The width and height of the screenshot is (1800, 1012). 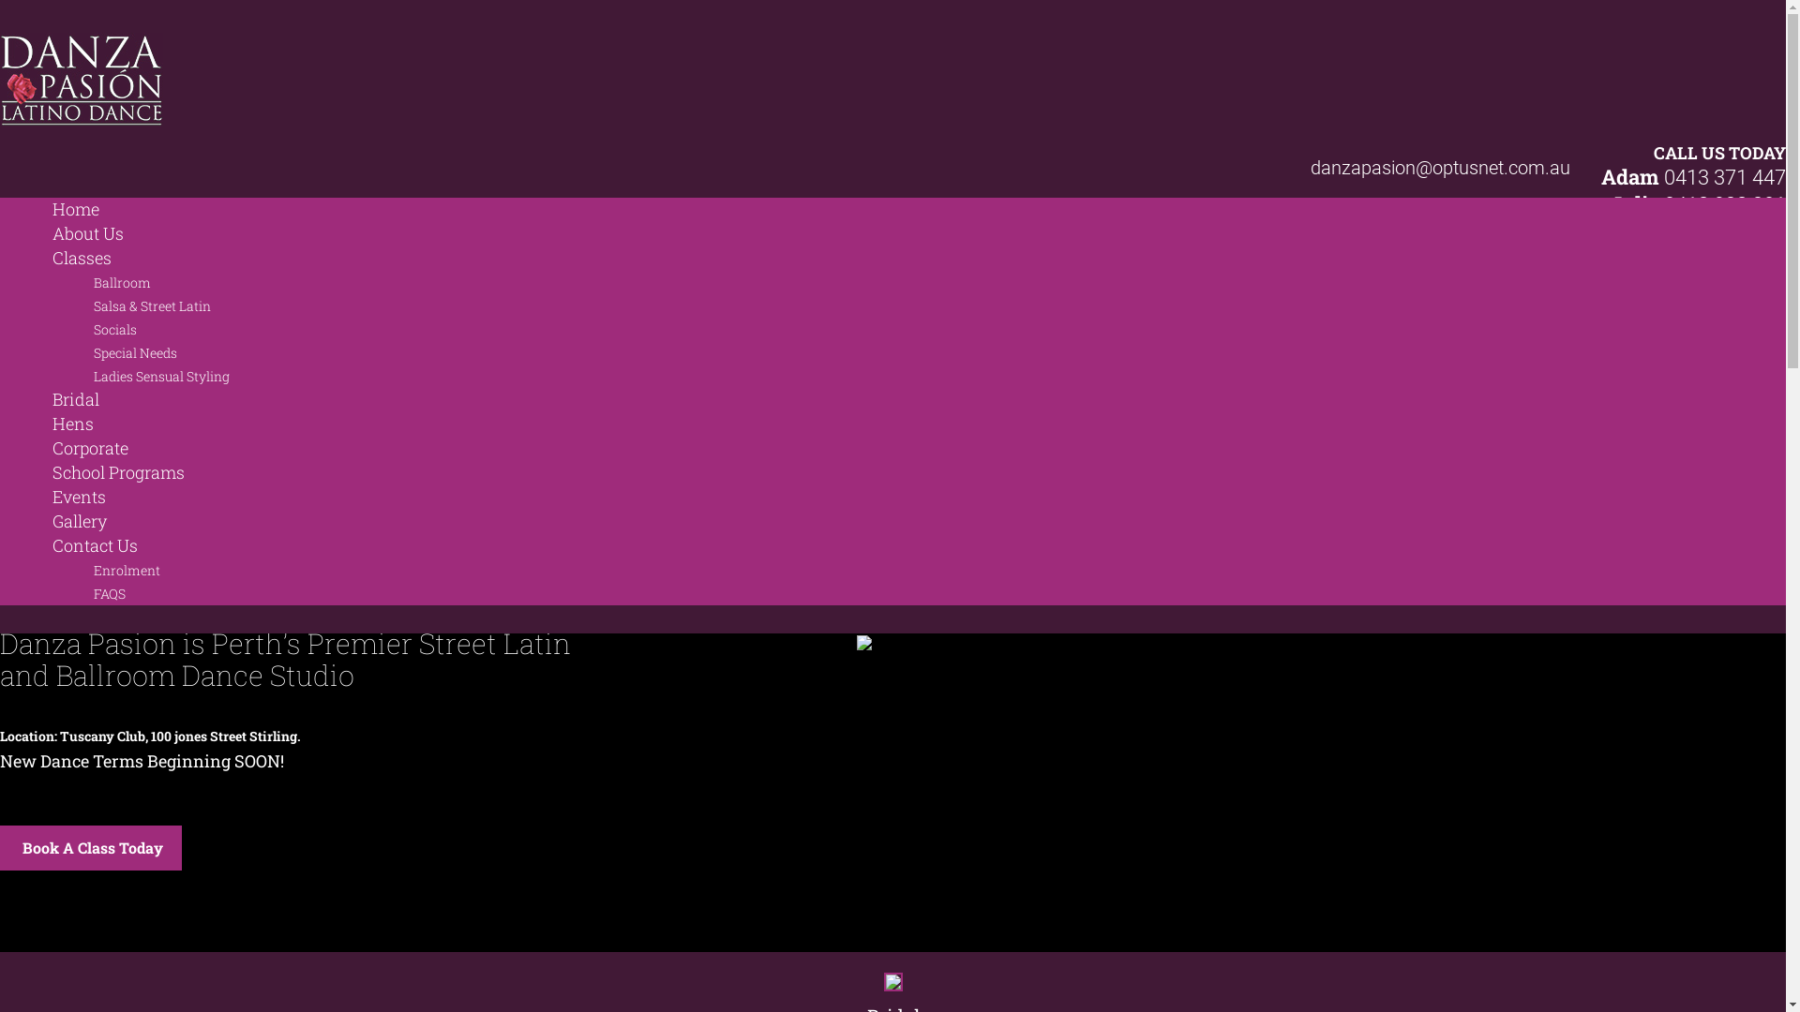 What do you see at coordinates (108, 593) in the screenshot?
I see `'FAQS'` at bounding box center [108, 593].